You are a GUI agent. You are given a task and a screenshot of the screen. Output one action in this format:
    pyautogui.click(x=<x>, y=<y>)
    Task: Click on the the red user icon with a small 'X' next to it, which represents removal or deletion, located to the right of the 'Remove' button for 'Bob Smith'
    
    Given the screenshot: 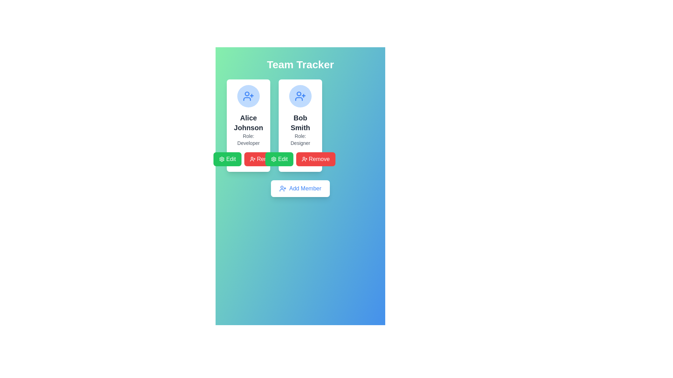 What is the action you would take?
    pyautogui.click(x=252, y=159)
    